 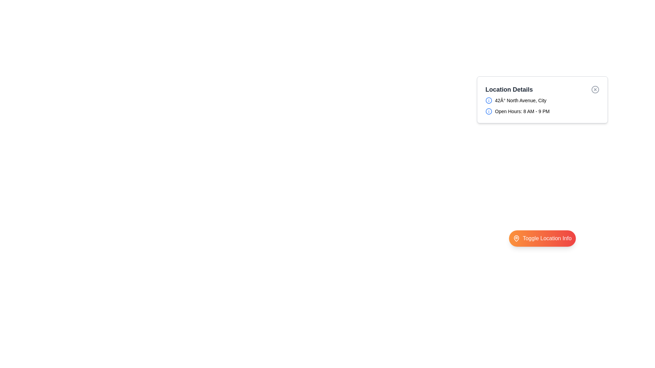 I want to click on the informational text displaying the operating hours located below '42° North Avenue, City' in the 'Location Details' section, so click(x=542, y=111).